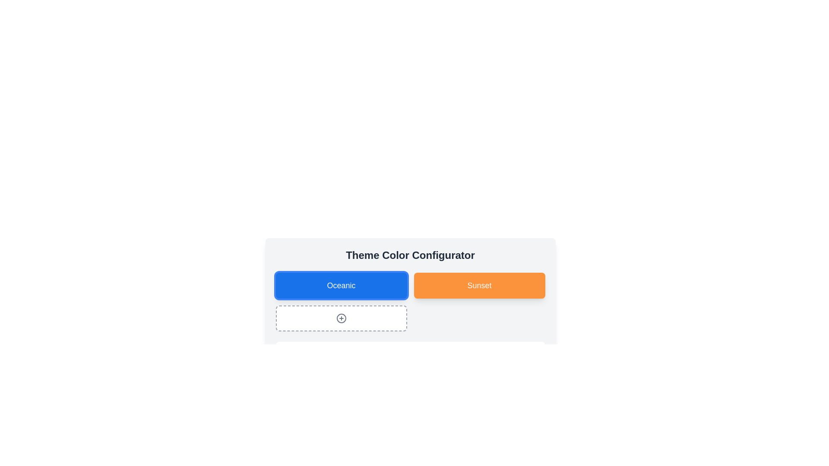 The image size is (829, 466). I want to click on the actionable icon button below the 'Oceanic' and 'Sunset' buttons, so click(341, 318).